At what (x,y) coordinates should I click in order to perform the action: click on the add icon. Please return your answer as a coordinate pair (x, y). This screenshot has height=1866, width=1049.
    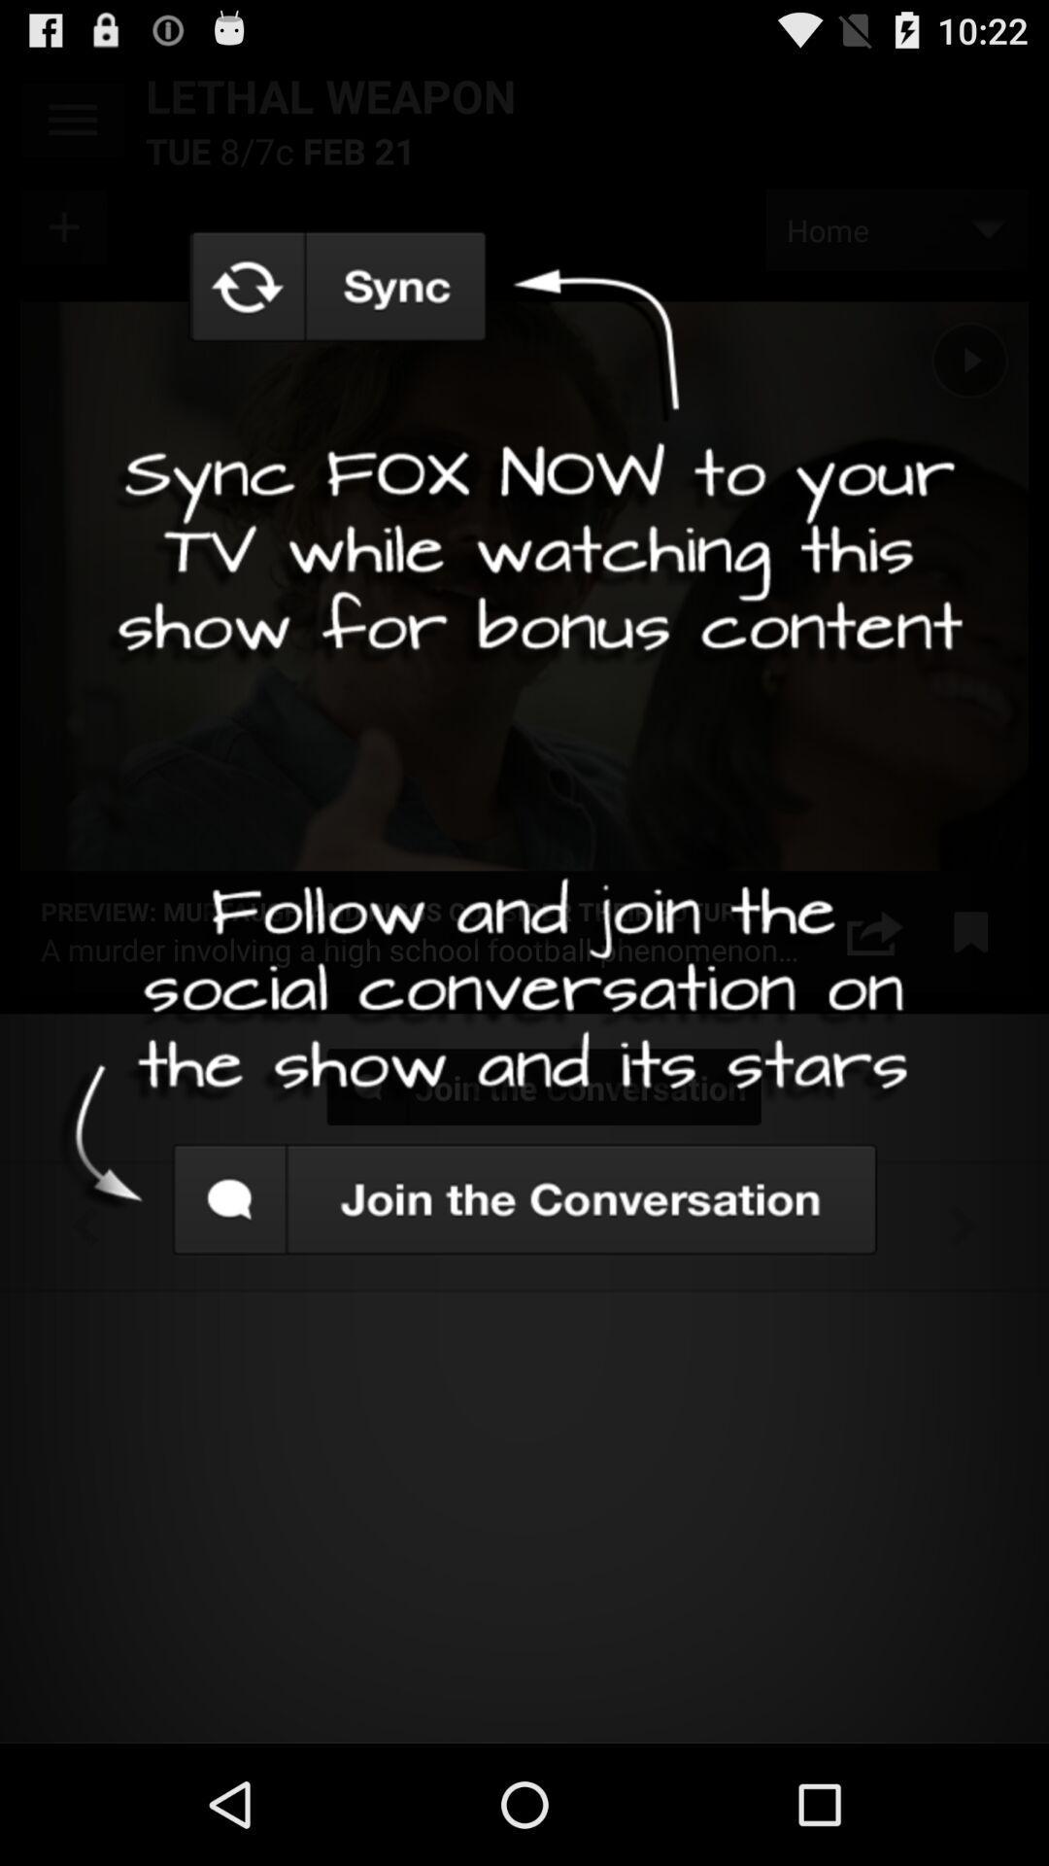
    Looking at the image, I should click on (64, 241).